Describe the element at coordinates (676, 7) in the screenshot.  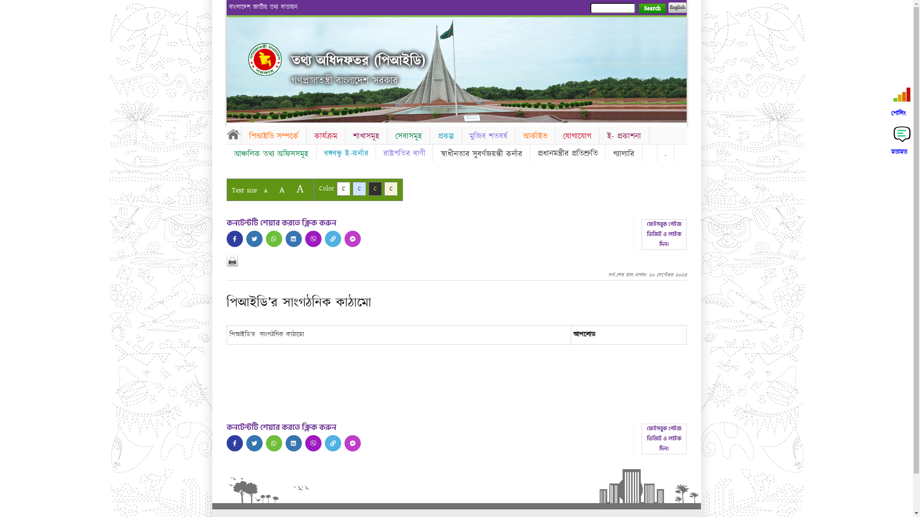
I see `'English'` at that location.